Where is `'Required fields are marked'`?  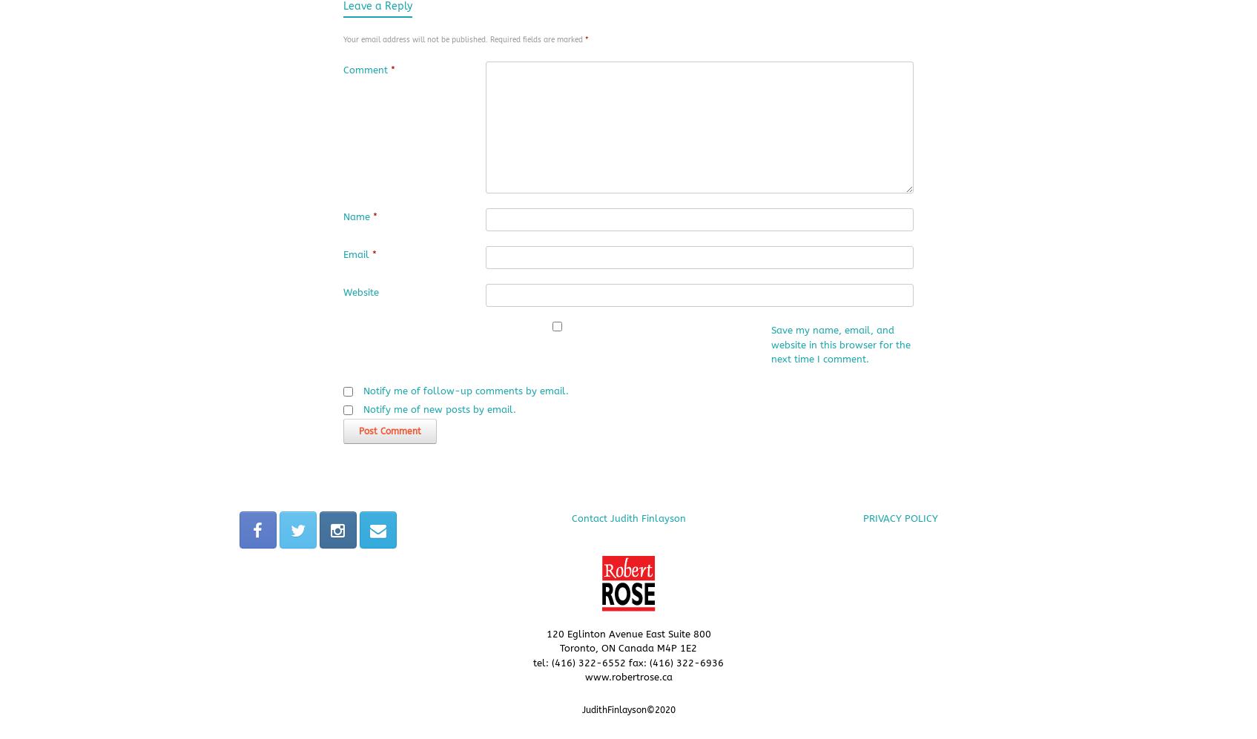 'Required fields are marked' is located at coordinates (489, 38).